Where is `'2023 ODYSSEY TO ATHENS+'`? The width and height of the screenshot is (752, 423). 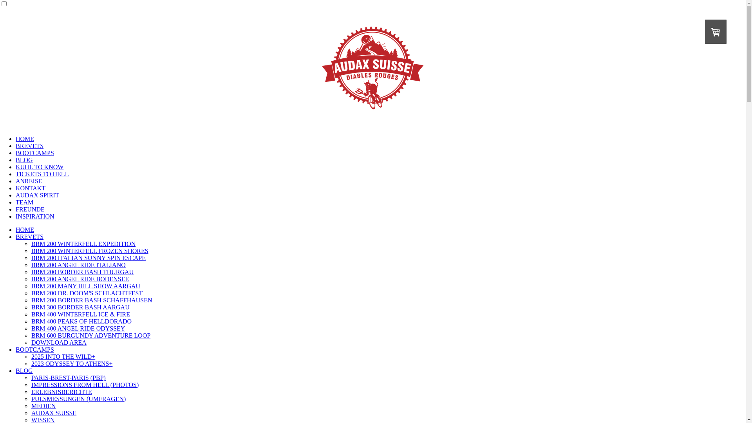
'2023 ODYSSEY TO ATHENS+' is located at coordinates (72, 363).